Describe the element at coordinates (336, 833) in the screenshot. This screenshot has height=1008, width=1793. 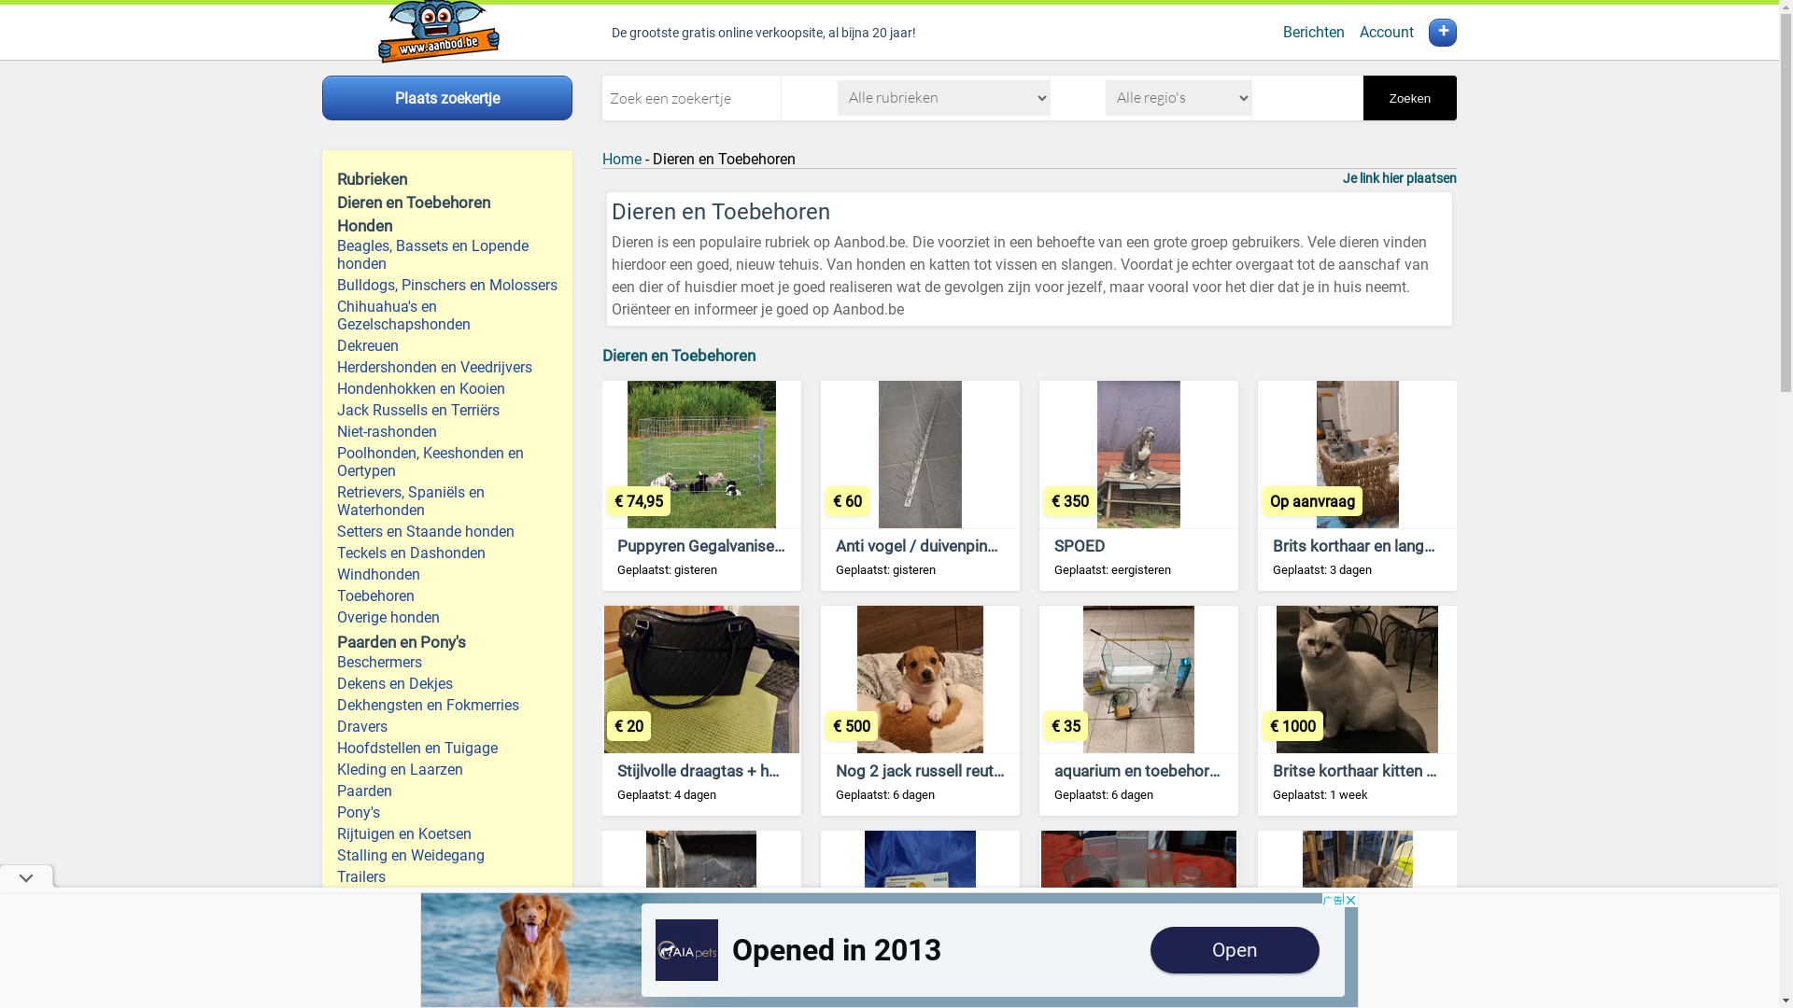
I see `'Rijtuigen en Koetsen'` at that location.